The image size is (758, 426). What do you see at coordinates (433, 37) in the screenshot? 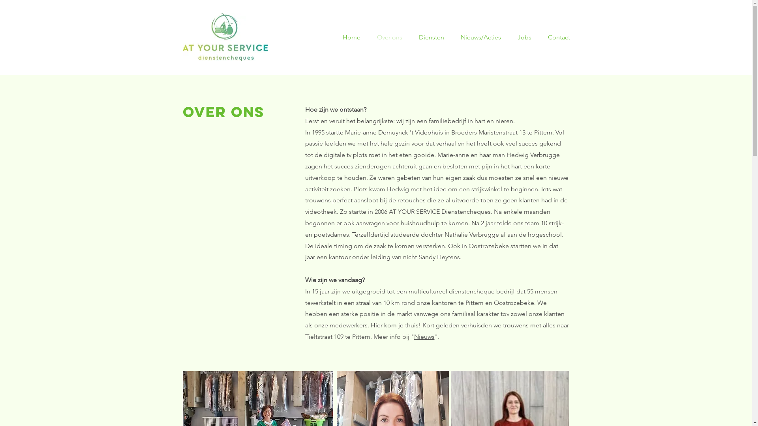
I see `'Diensten'` at bounding box center [433, 37].